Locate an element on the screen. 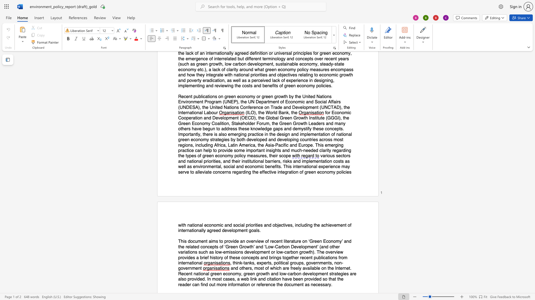  the 5th character "a" in the text is located at coordinates (255, 231).